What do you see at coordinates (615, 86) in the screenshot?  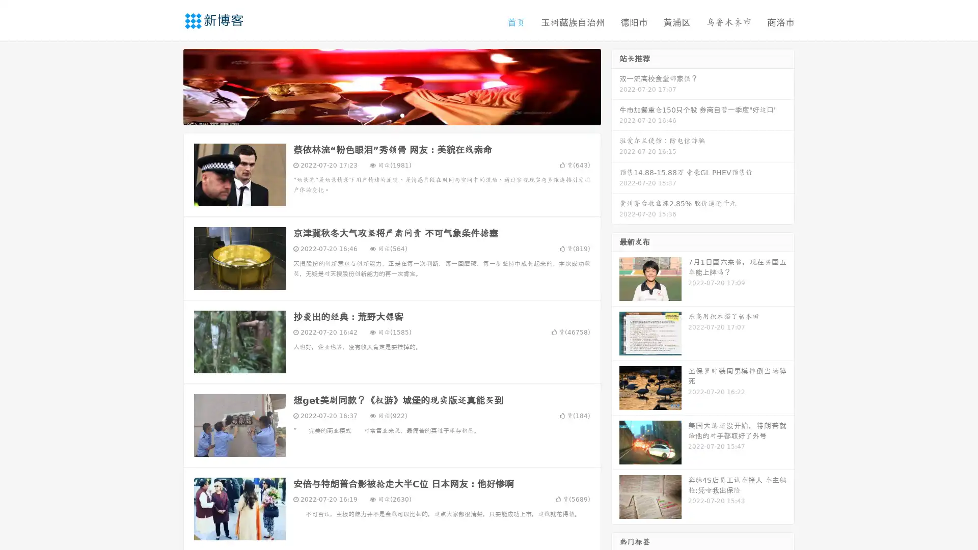 I see `Next slide` at bounding box center [615, 86].